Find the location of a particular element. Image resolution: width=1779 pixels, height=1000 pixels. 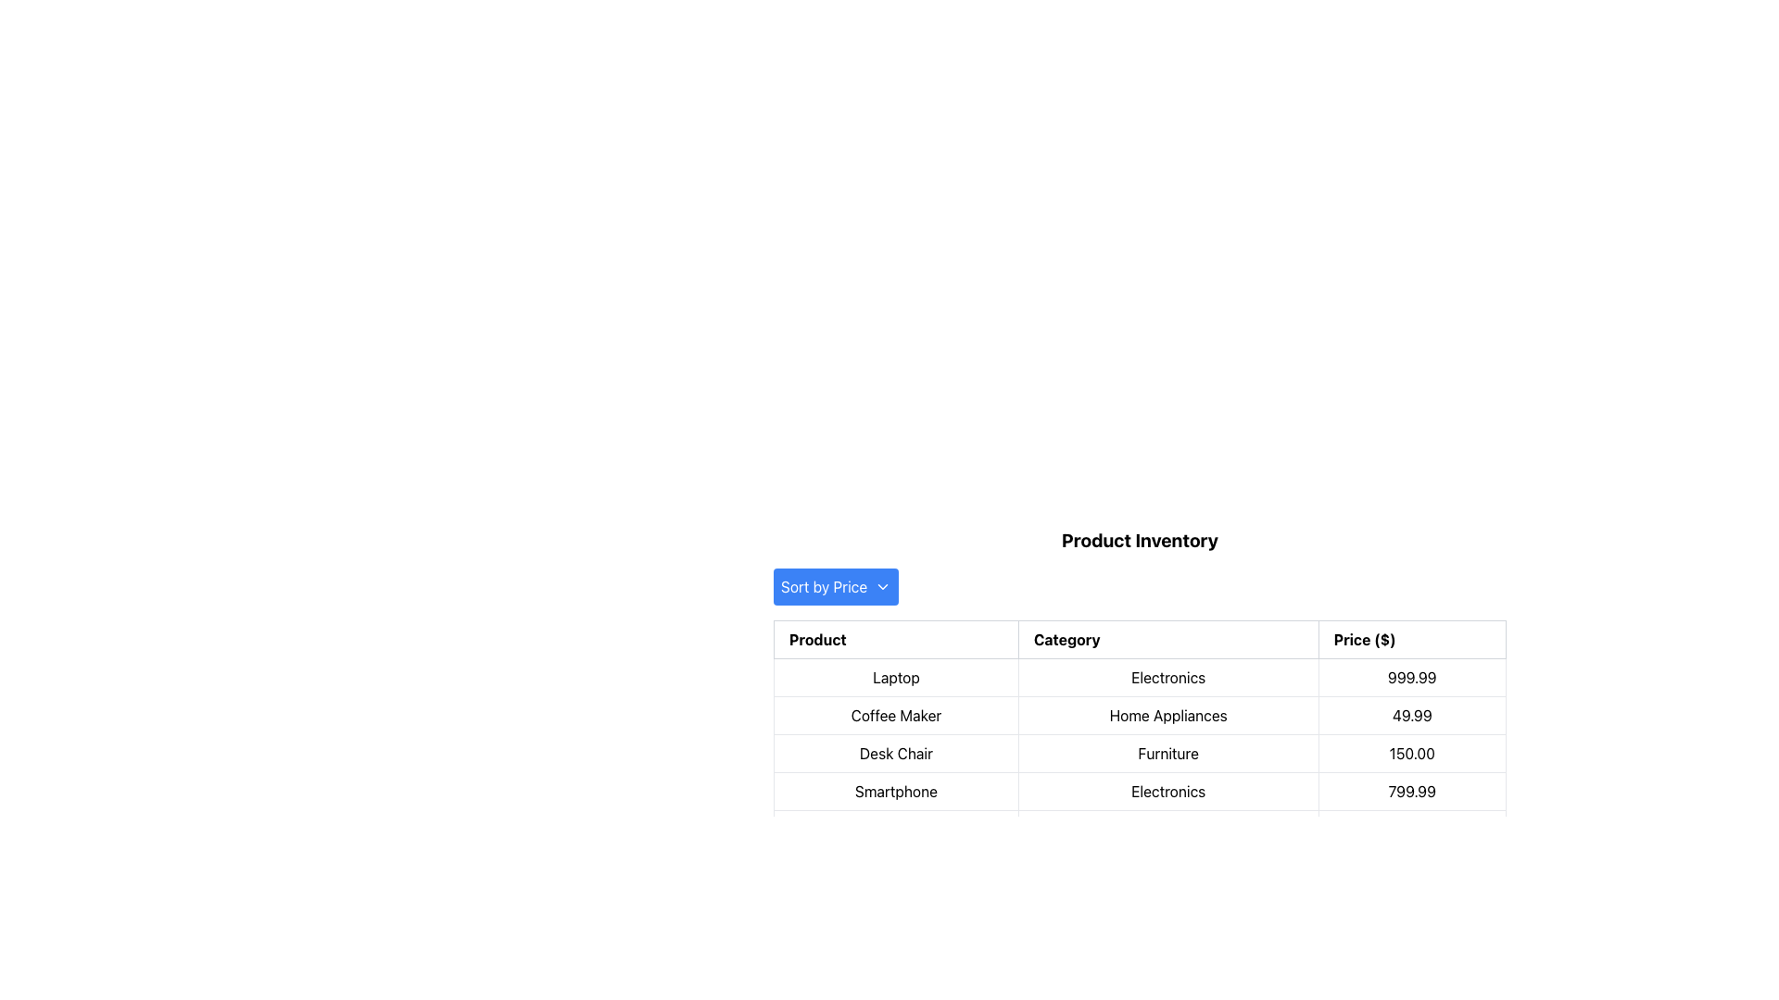

the Table Cell containing the text 'Coffee Maker', which is styled with gray bordered edges and is located in the second row under the 'Product' column is located at coordinates (896, 714).